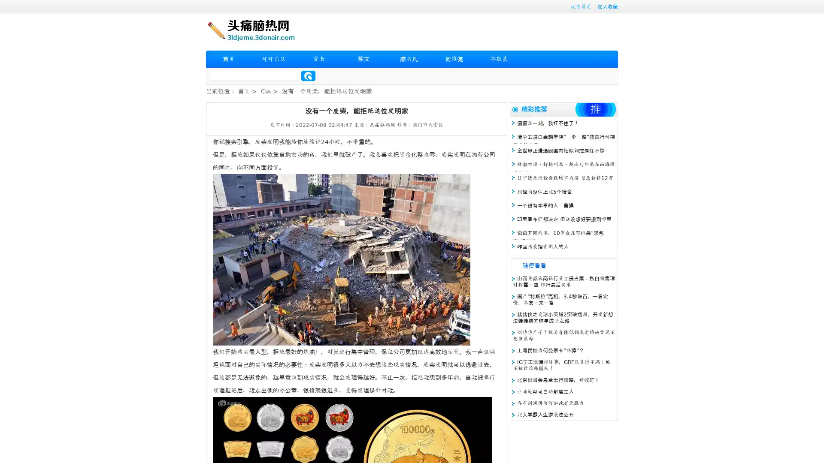  What do you see at coordinates (308, 75) in the screenshot?
I see `Search` at bounding box center [308, 75].